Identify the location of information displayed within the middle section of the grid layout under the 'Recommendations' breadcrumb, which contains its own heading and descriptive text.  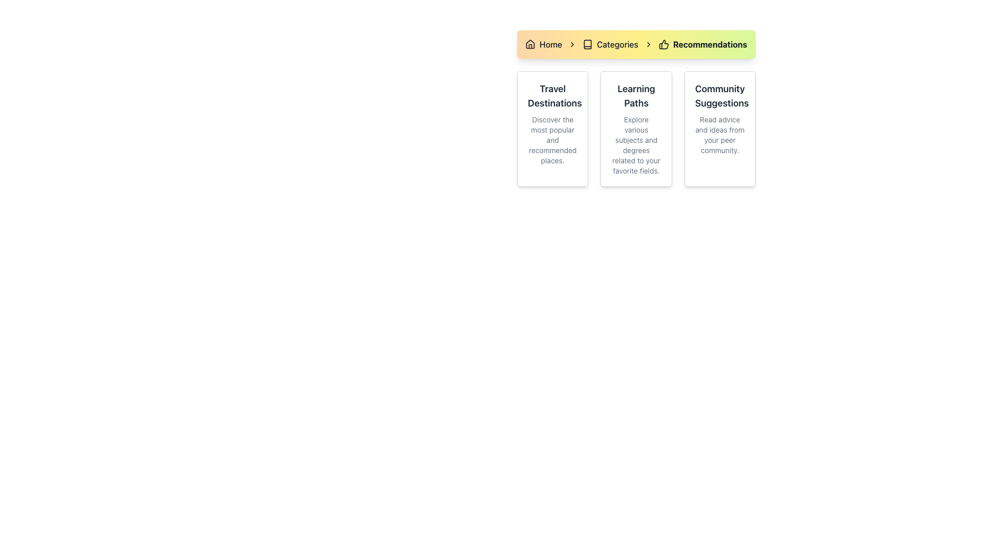
(636, 128).